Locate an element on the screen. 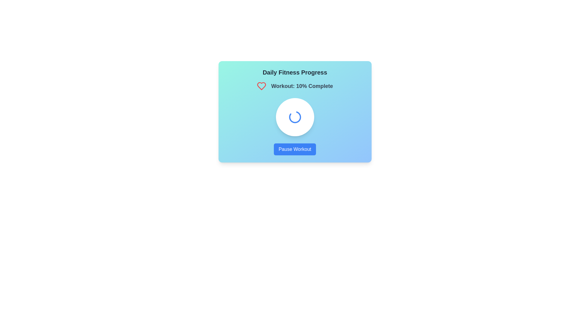 The height and width of the screenshot is (322, 574). the fitness progress icon located to the left of the text 'Workout: 10% Complete', which is centrally positioned within the card's top section is located at coordinates (263, 86).